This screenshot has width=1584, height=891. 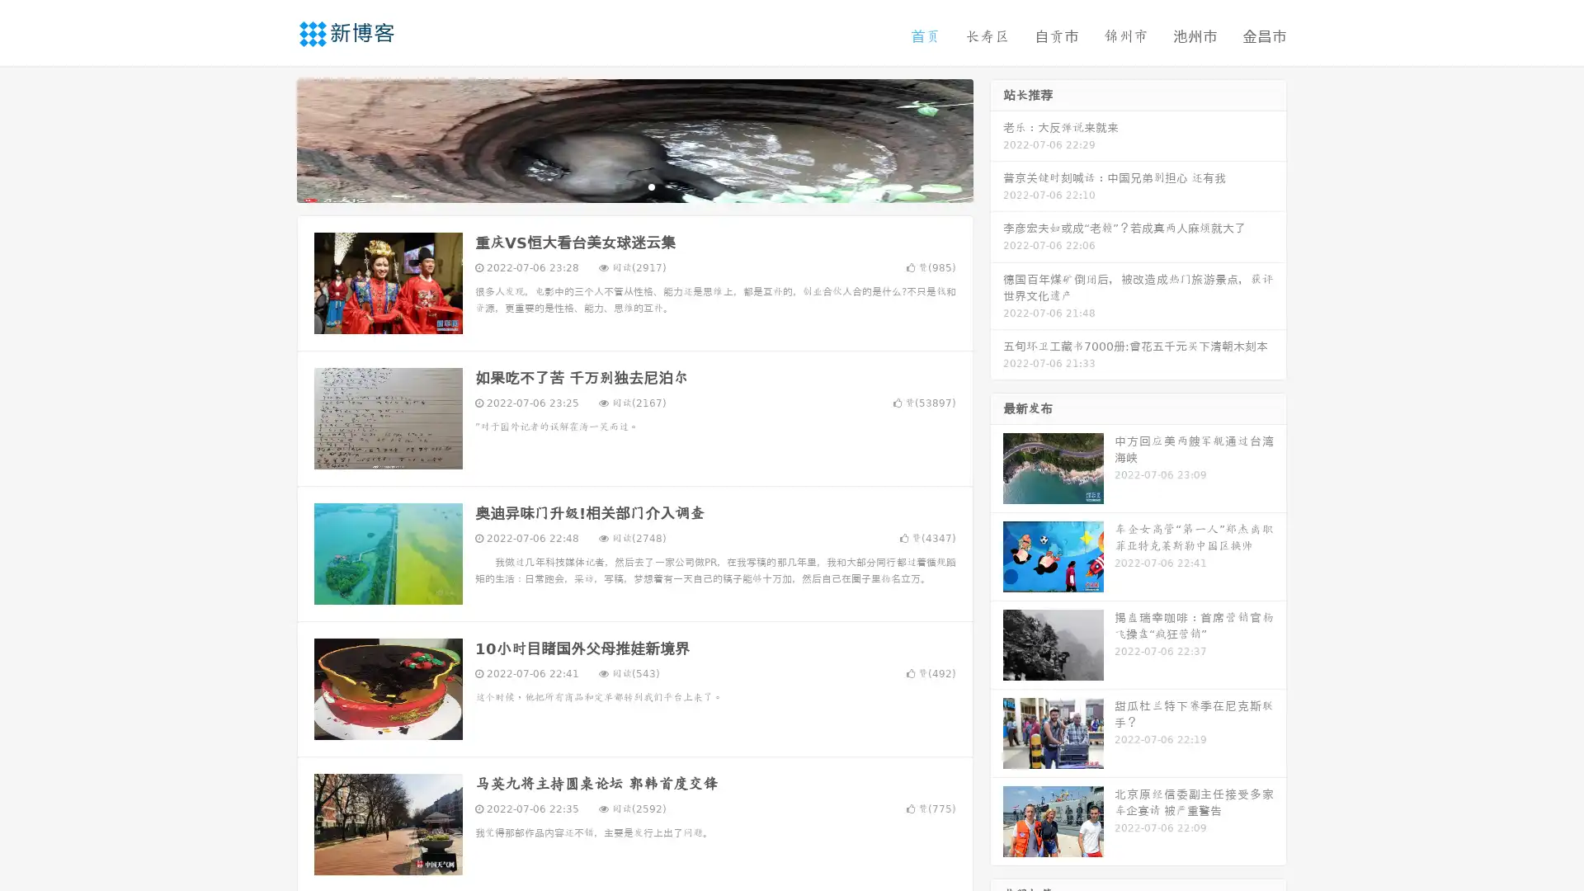 I want to click on Next slide, so click(x=997, y=139).